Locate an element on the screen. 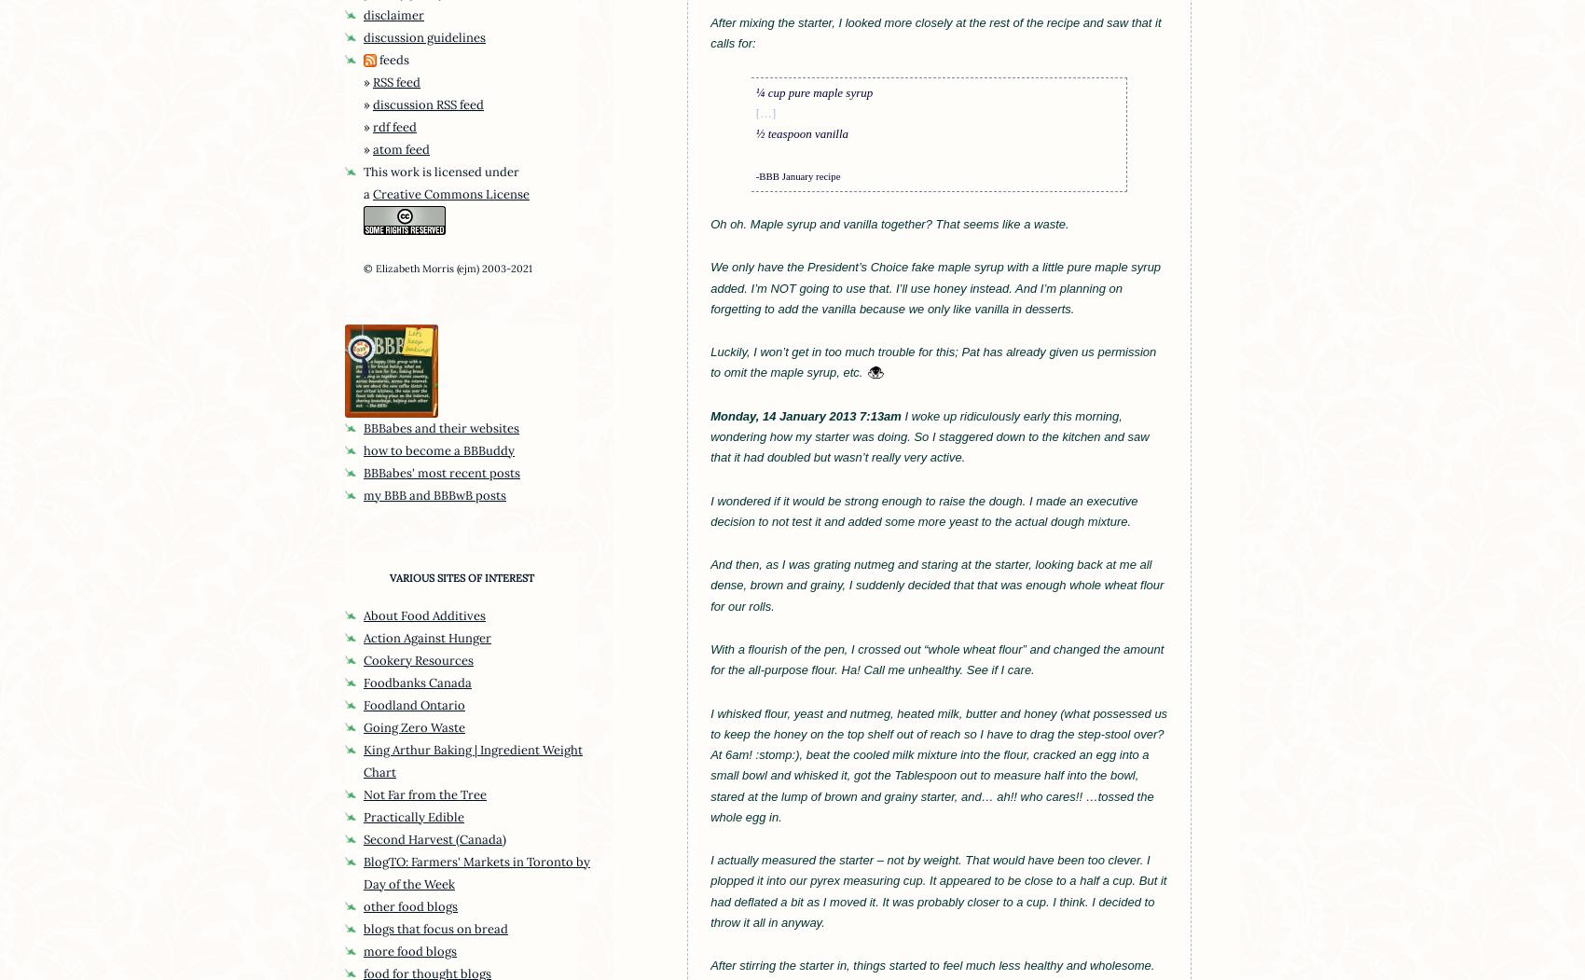  'blogs that focus on bread' is located at coordinates (435, 928).